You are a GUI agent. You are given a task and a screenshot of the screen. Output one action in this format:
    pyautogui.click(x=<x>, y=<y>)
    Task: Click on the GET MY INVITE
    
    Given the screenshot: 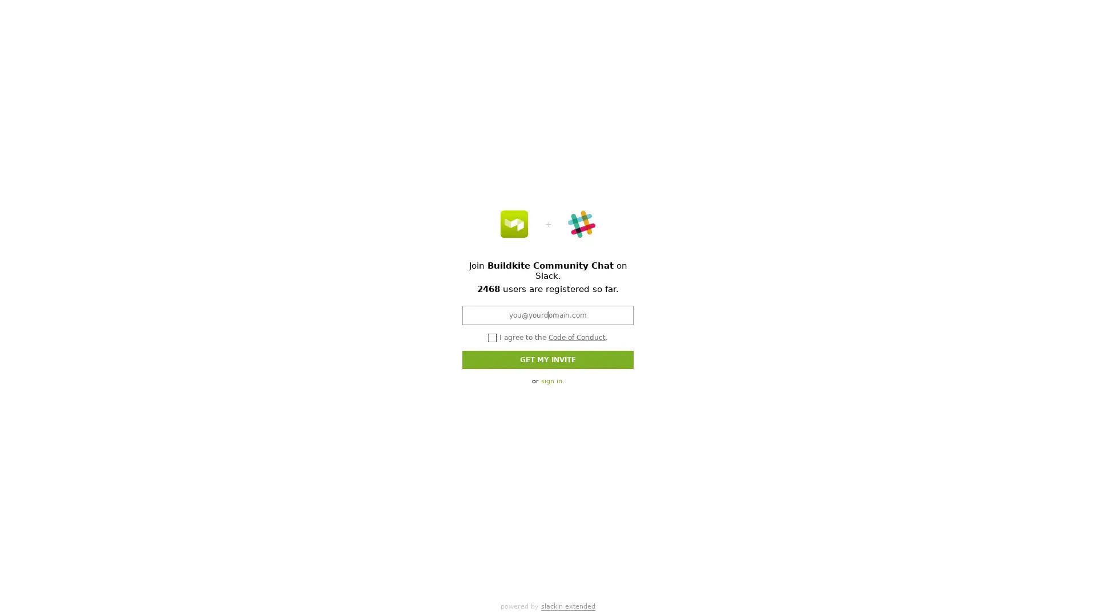 What is the action you would take?
    pyautogui.click(x=548, y=358)
    